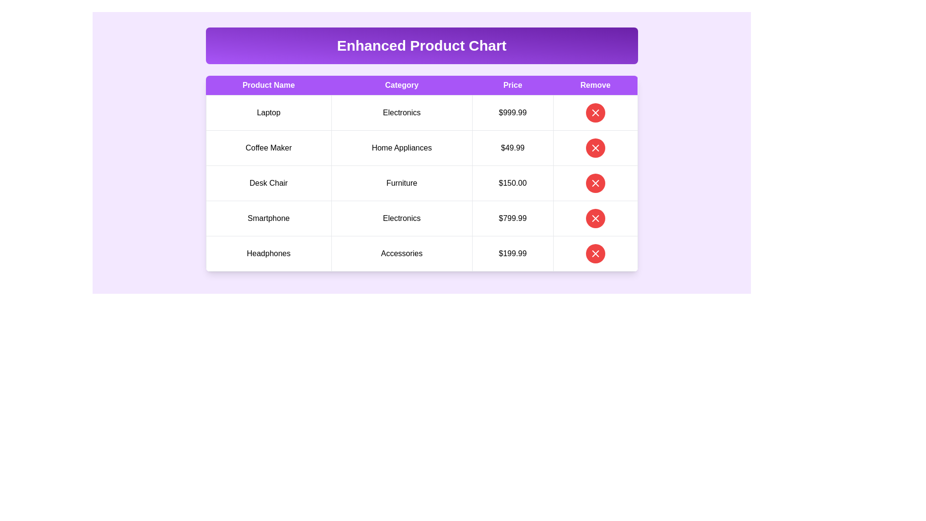 The image size is (926, 521). What do you see at coordinates (402, 218) in the screenshot?
I see `the 'Electronics' text label in the 'Category' column of the row for the 'Smartphone' product` at bounding box center [402, 218].